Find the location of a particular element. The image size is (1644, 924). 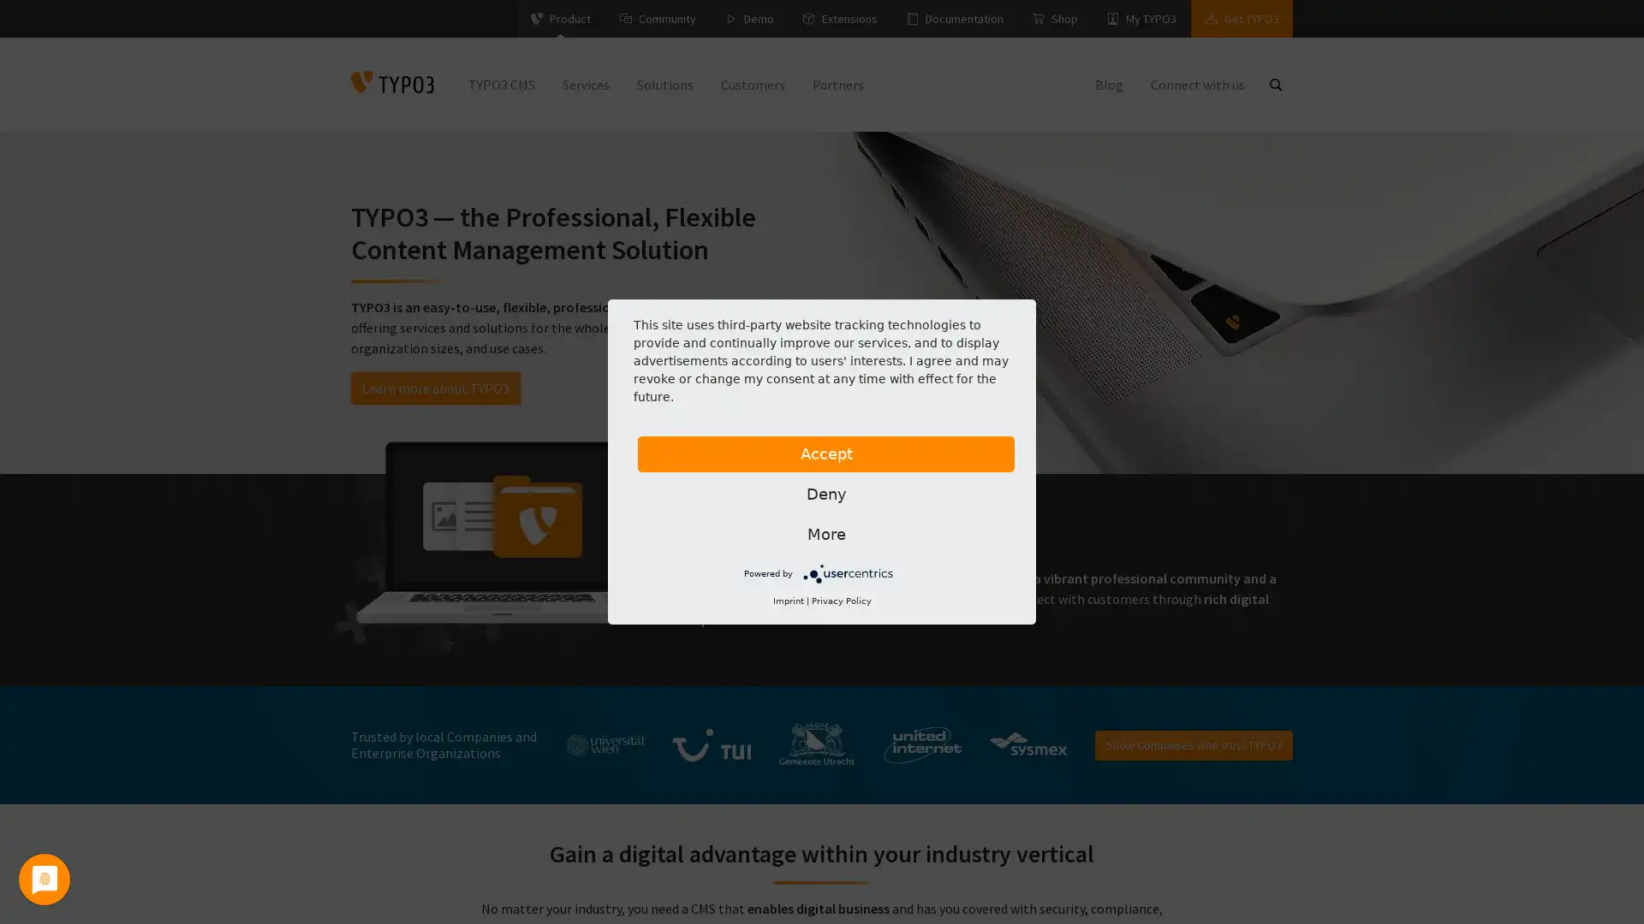

Accept is located at coordinates (825, 453).